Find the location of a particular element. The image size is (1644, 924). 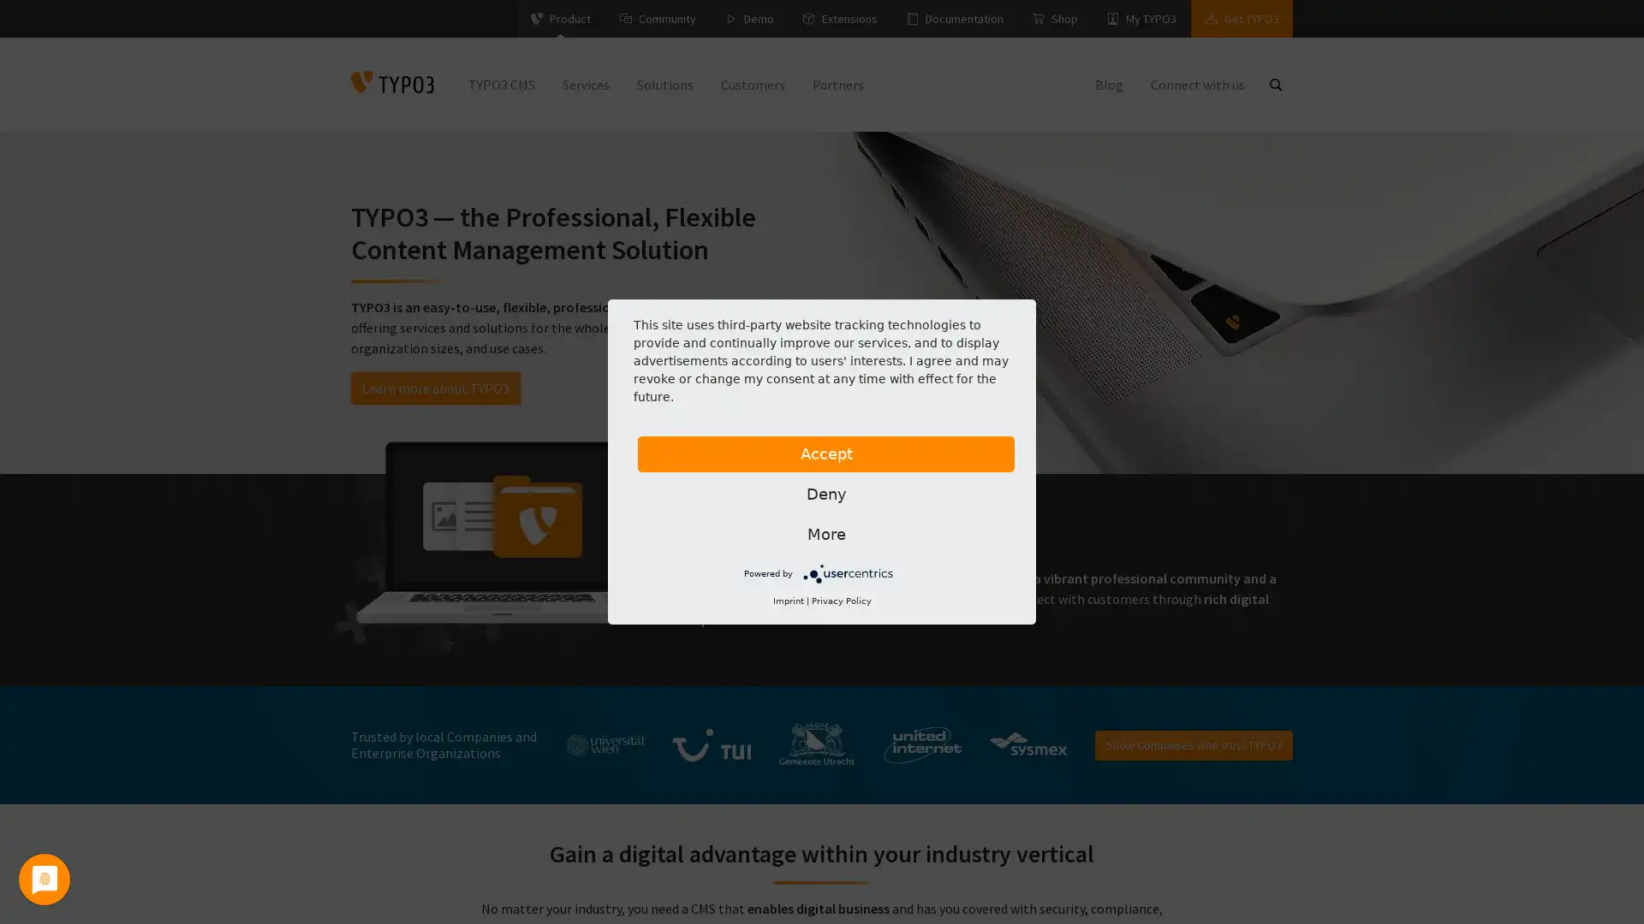

Accept is located at coordinates (825, 453).